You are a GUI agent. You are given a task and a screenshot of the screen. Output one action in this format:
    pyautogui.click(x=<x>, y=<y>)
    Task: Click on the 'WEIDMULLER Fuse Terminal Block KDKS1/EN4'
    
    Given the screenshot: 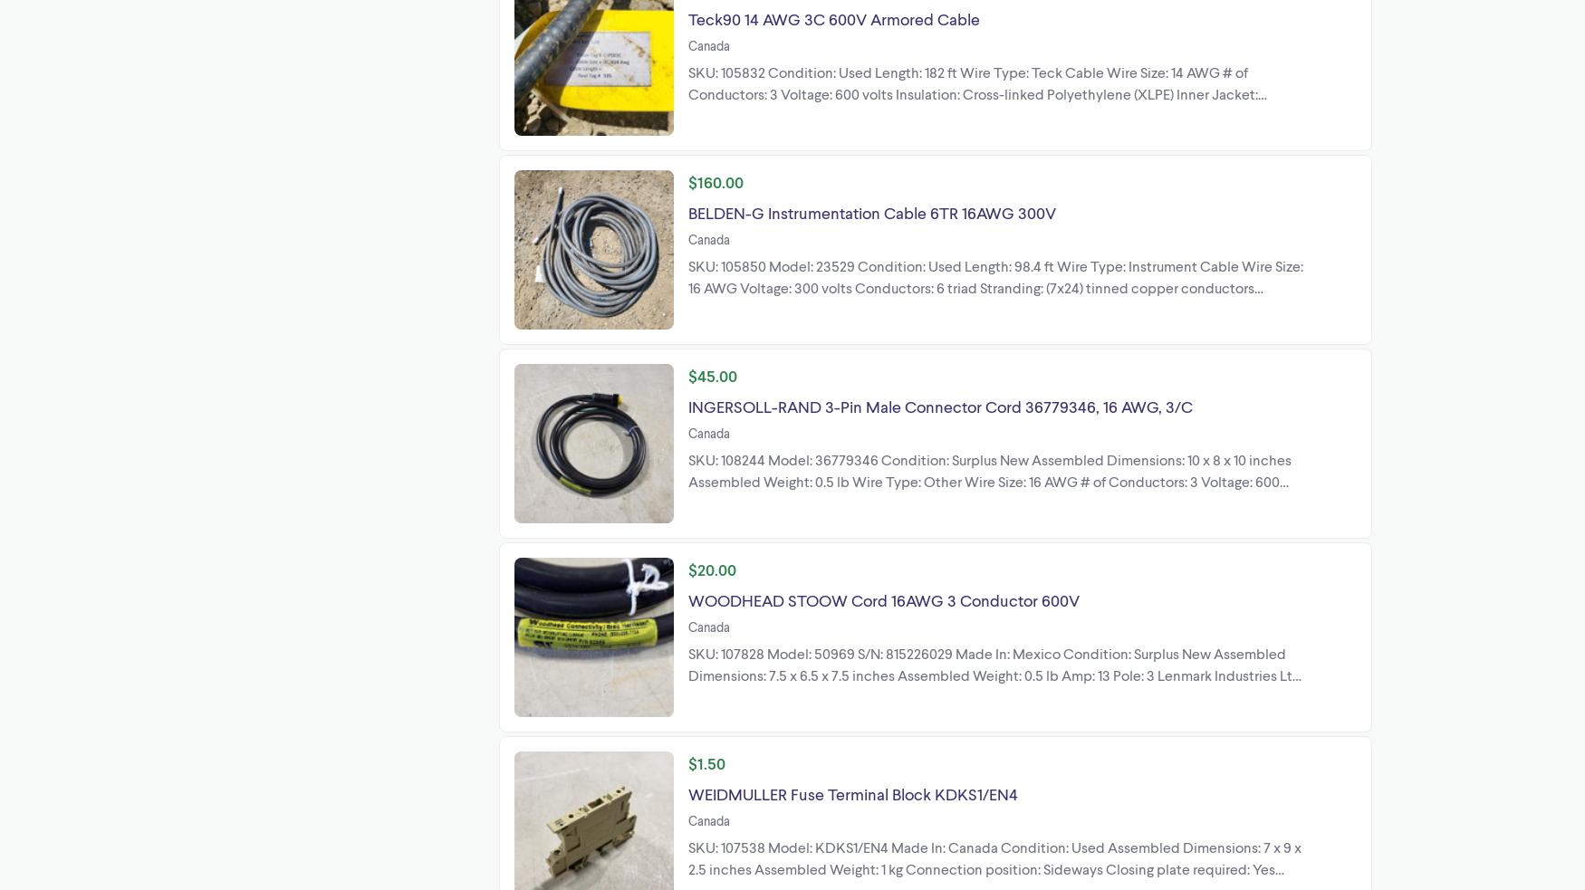 What is the action you would take?
    pyautogui.click(x=853, y=792)
    